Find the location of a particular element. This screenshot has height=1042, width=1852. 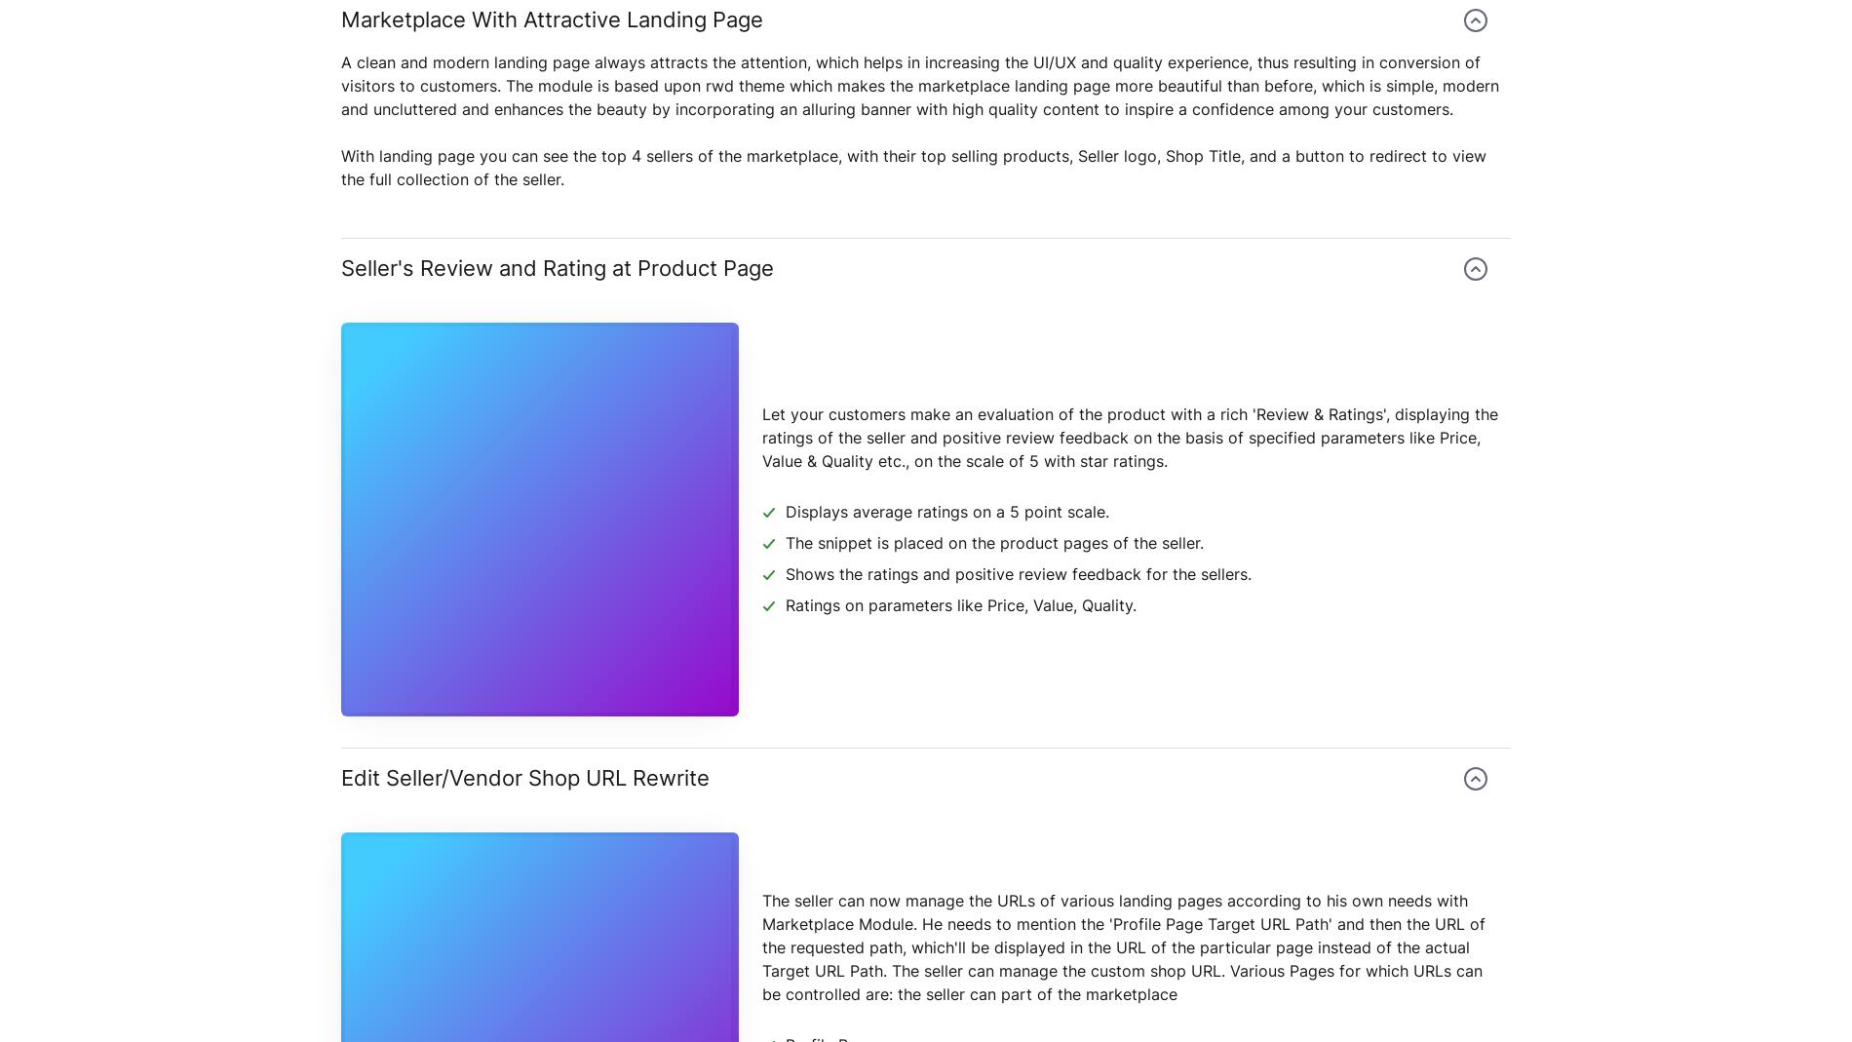

'A clean and modern landing page always attracts the attention, which helps in increasing the UI/UX and quality experience, thus resulting in conversion of visitors to customers. The module is based upon rwd theme which makes the marketplace landing page more beautiful than before, which is simple, modern and uncluttered and enhances the beauty by incorporating an alluring banner with high quality content to inspire a confidence among your customers.' is located at coordinates (918, 84).